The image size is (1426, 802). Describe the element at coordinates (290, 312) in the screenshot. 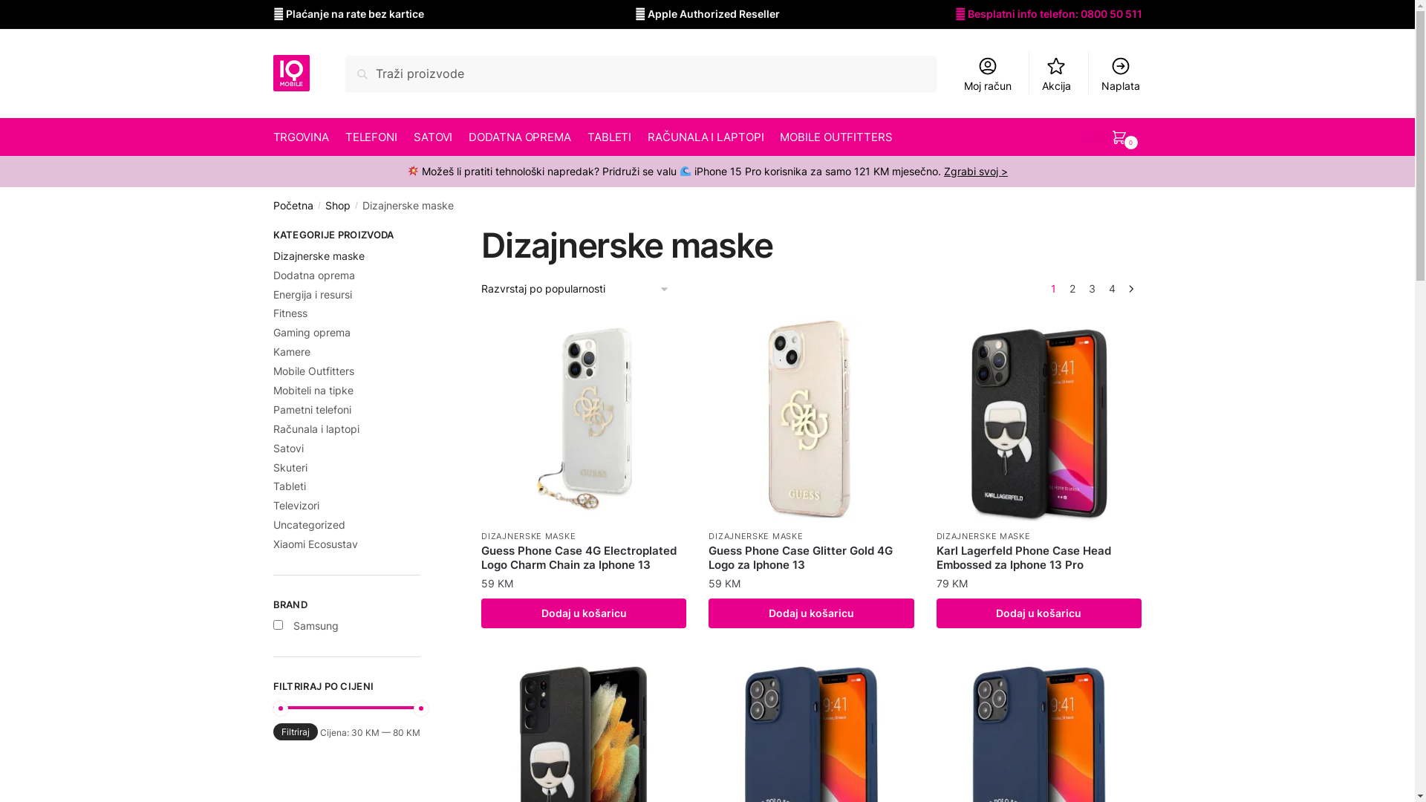

I see `'Fitness'` at that location.